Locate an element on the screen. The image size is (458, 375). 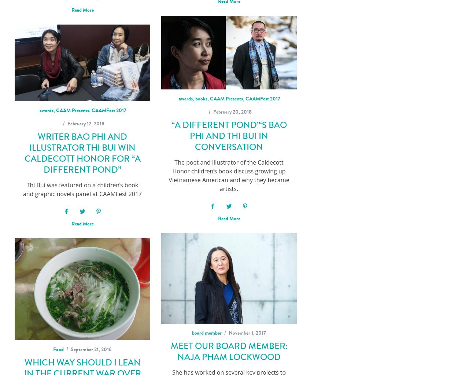
'books' is located at coordinates (201, 98).